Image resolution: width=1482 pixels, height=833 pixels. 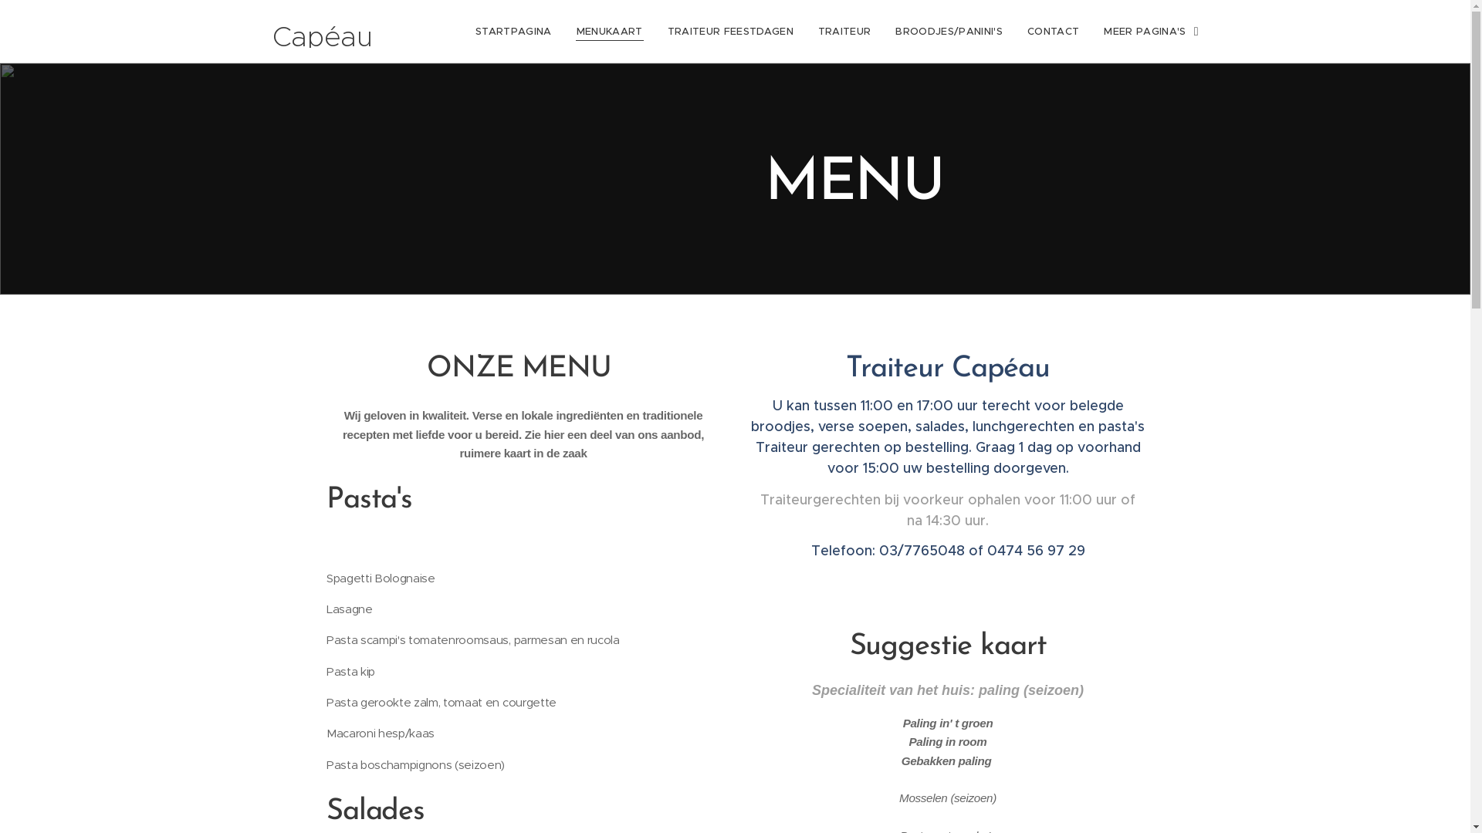 I want to click on 'MEER PAGINA'S', so click(x=1145, y=32).